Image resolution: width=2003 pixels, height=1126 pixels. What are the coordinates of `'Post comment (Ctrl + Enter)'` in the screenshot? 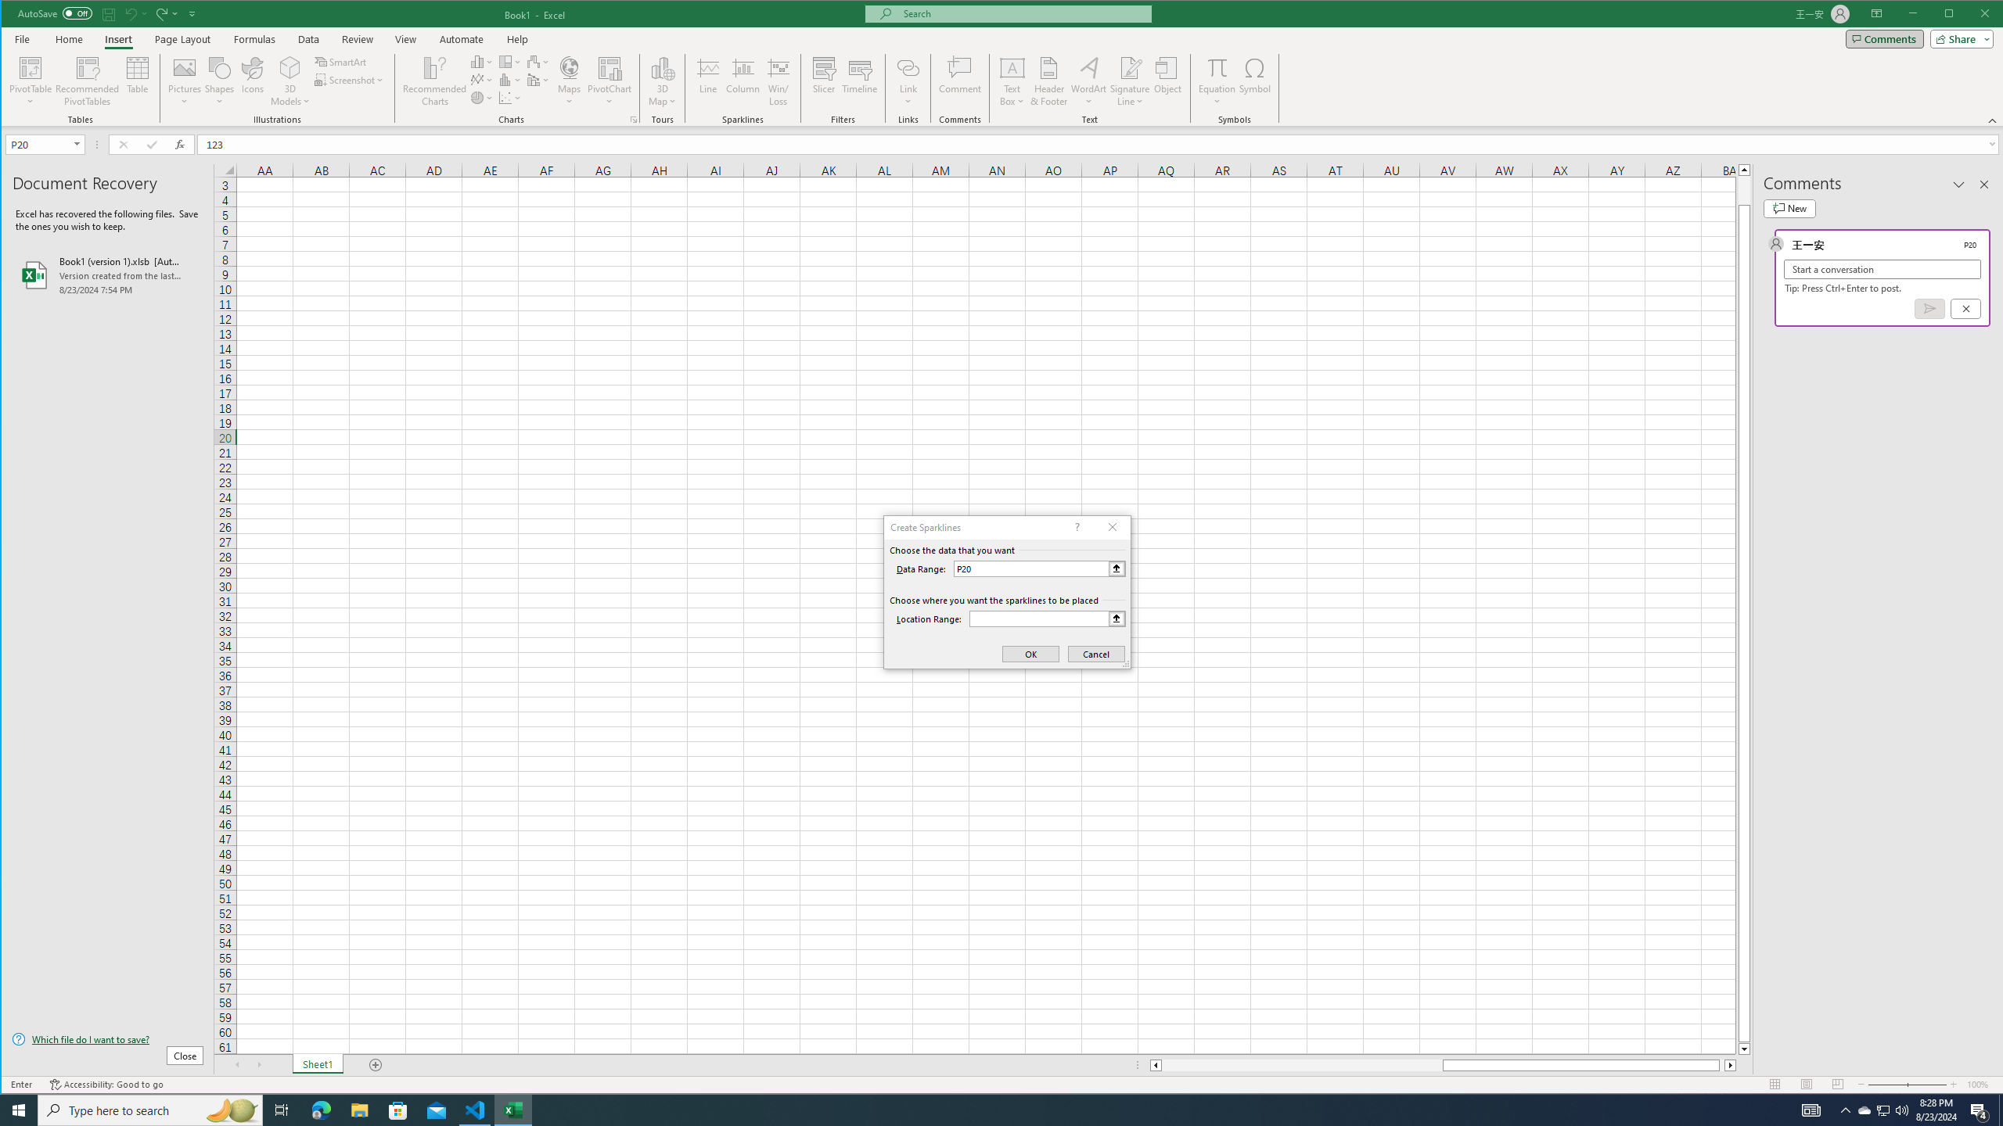 It's located at (1929, 308).